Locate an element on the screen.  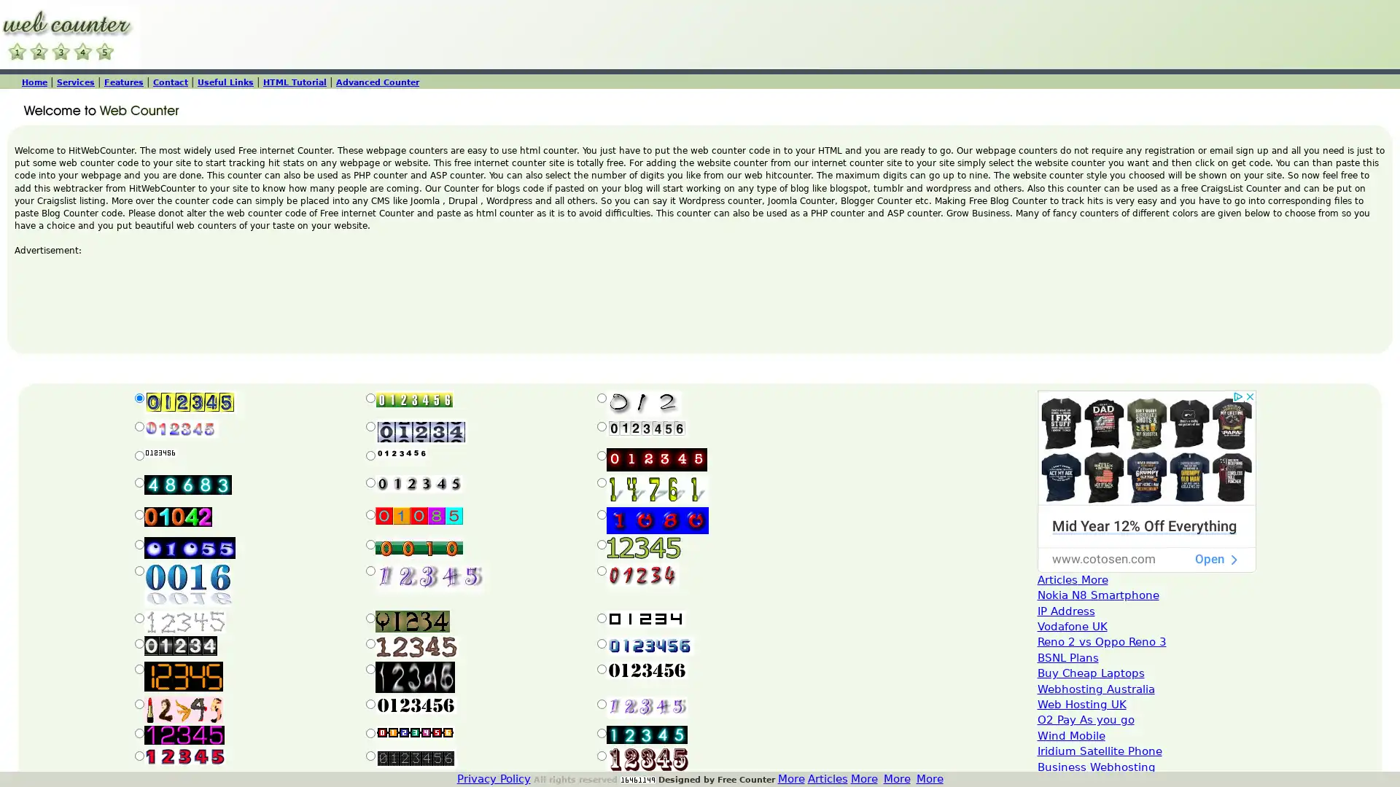
Submit is located at coordinates (187, 584).